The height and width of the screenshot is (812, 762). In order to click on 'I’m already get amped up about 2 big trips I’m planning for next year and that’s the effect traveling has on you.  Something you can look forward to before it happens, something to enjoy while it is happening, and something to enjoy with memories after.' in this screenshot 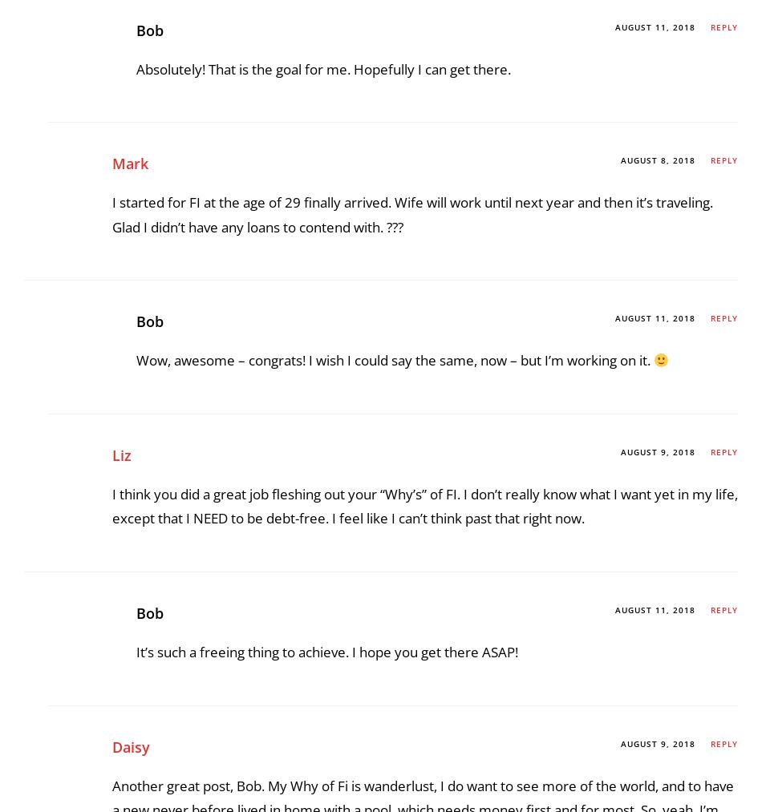, I will do `click(416, 70)`.